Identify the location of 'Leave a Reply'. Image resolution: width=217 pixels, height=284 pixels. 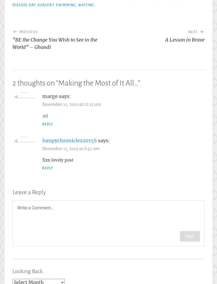
(12, 192).